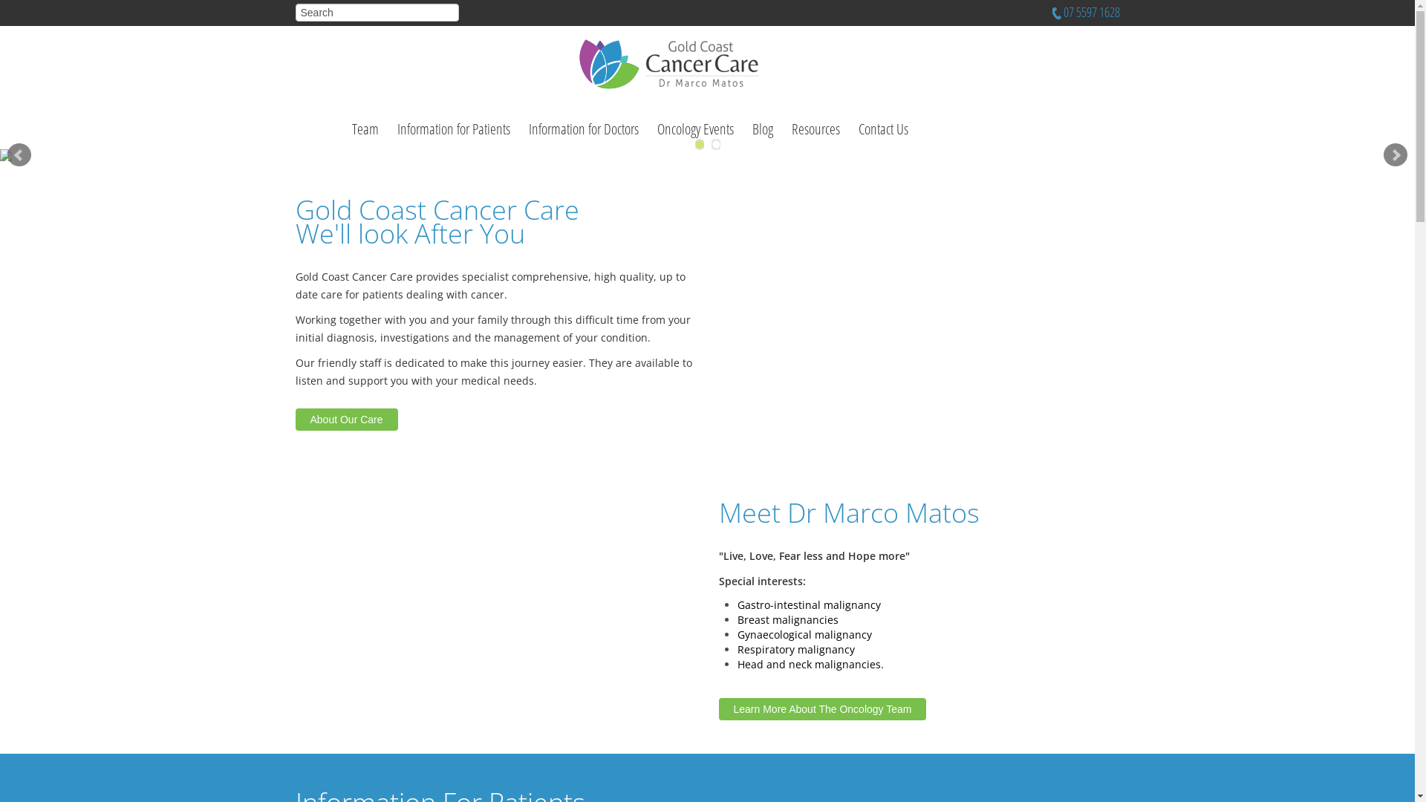 The image size is (1426, 802). What do you see at coordinates (345, 419) in the screenshot?
I see `'About Our Care'` at bounding box center [345, 419].